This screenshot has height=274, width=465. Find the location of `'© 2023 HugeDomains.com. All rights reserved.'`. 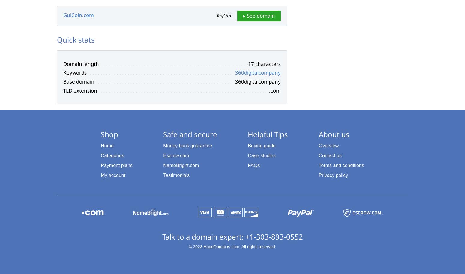

'© 2023 HugeDomains.com. All rights reserved.' is located at coordinates (232, 246).